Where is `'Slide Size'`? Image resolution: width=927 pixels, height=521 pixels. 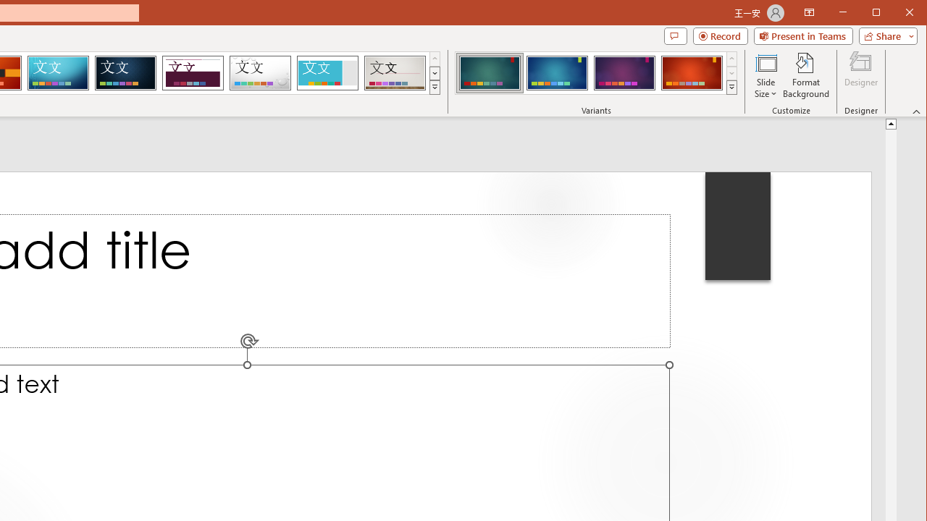 'Slide Size' is located at coordinates (765, 75).